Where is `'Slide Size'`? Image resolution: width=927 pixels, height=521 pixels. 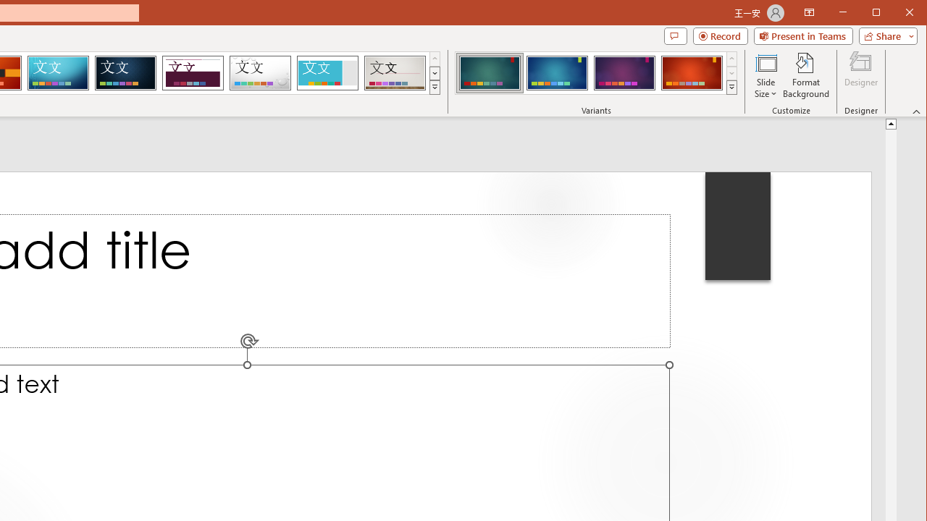 'Slide Size' is located at coordinates (765, 75).